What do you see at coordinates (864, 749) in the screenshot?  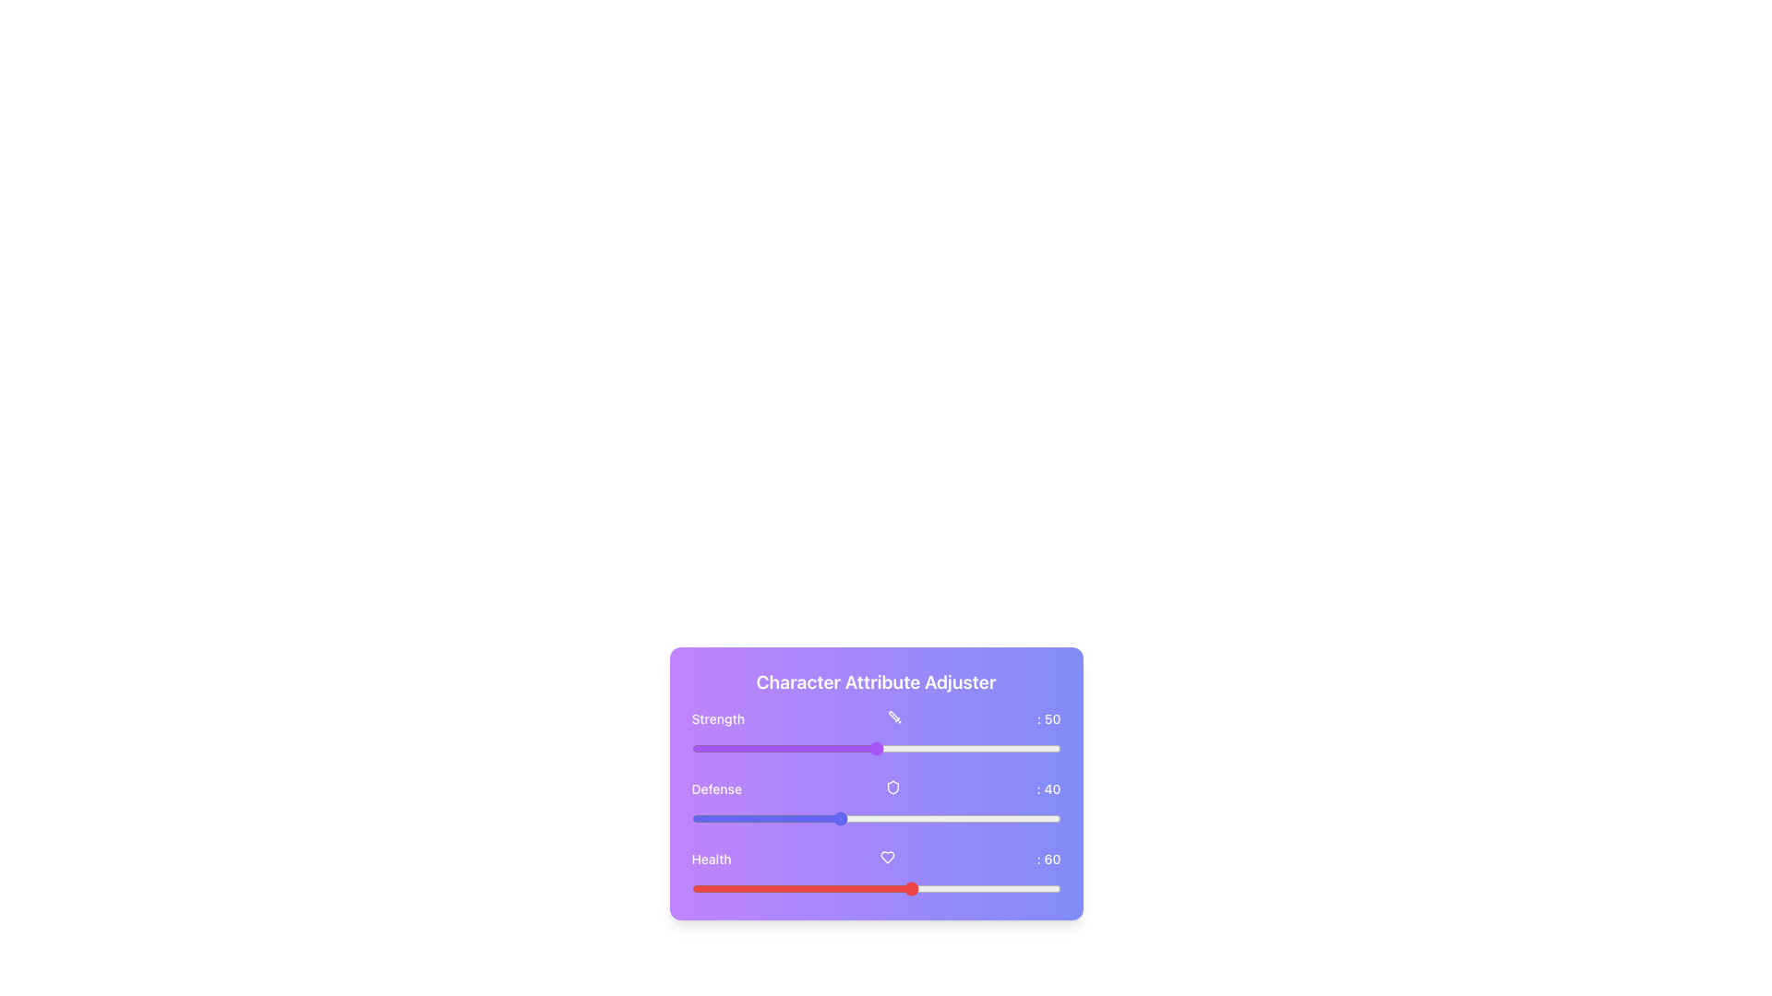 I see `the Strength value` at bounding box center [864, 749].